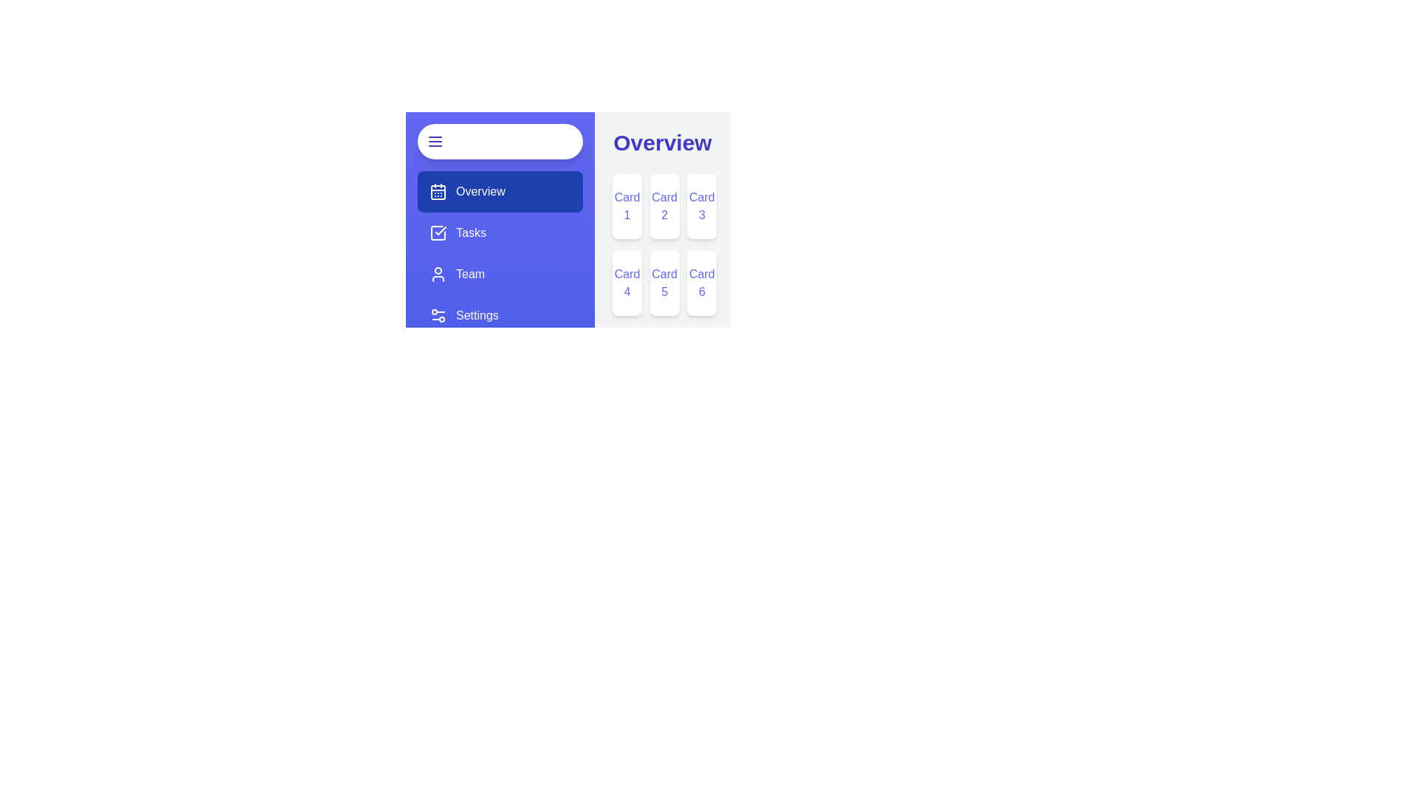 The image size is (1417, 797). Describe the element at coordinates (500, 232) in the screenshot. I see `the tab labeled Tasks from the sidebar` at that location.